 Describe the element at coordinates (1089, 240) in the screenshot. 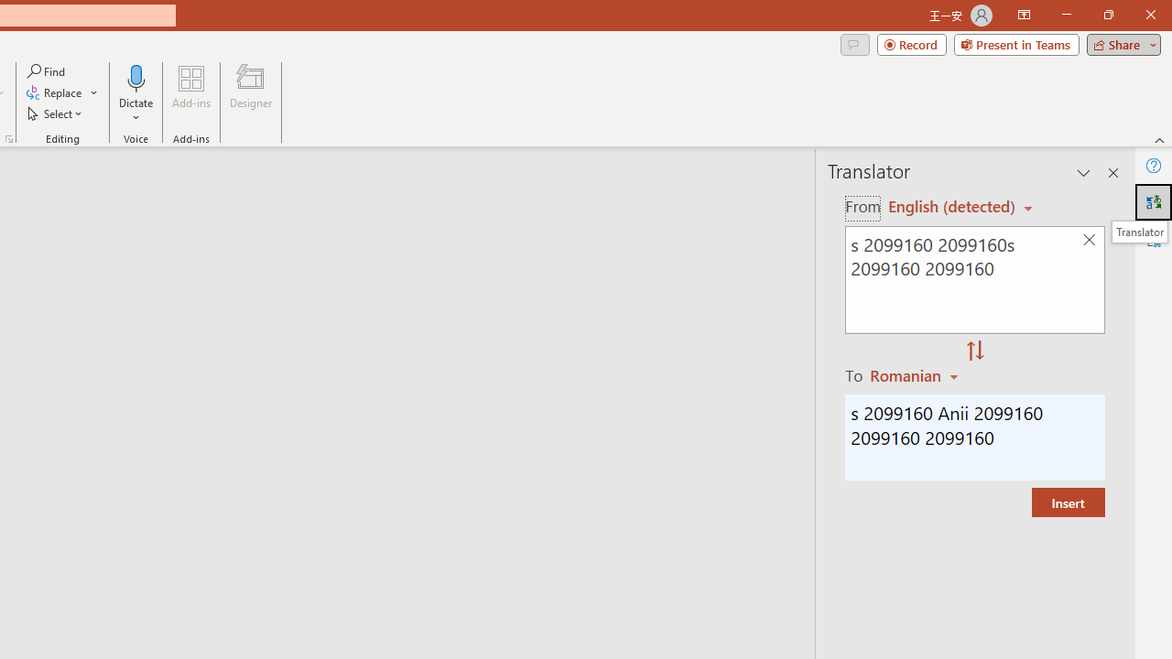

I see `'Clear text'` at that location.